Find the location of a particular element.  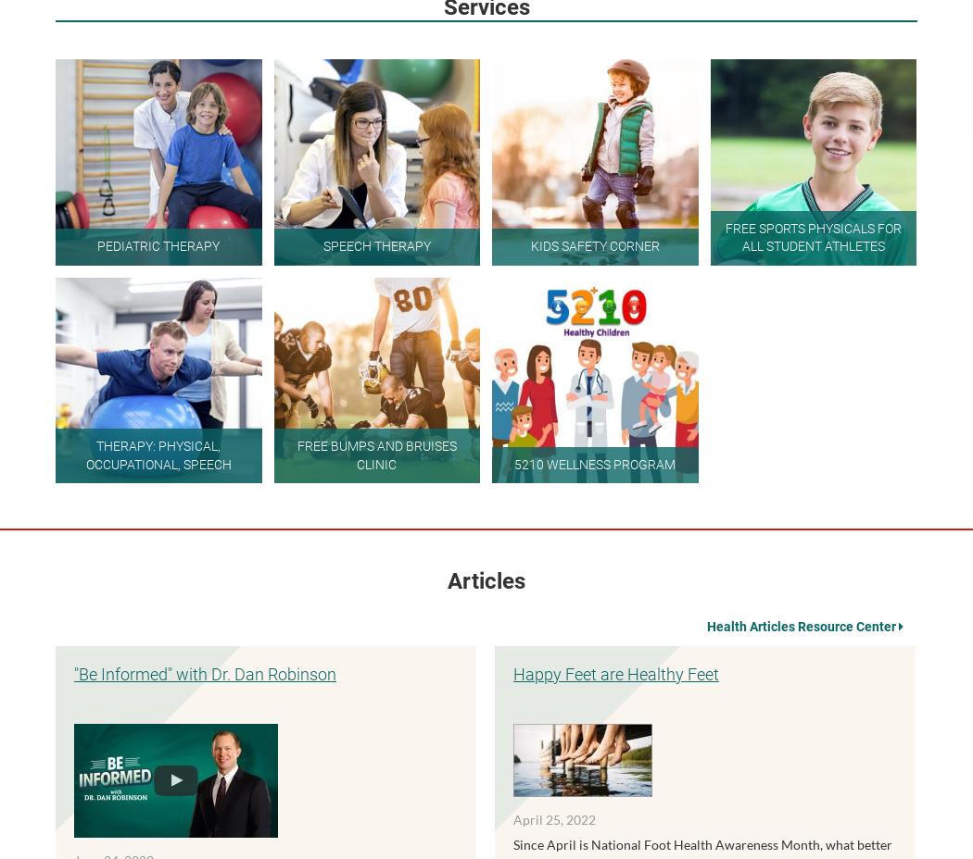

'Speech Therapy' is located at coordinates (376, 244).